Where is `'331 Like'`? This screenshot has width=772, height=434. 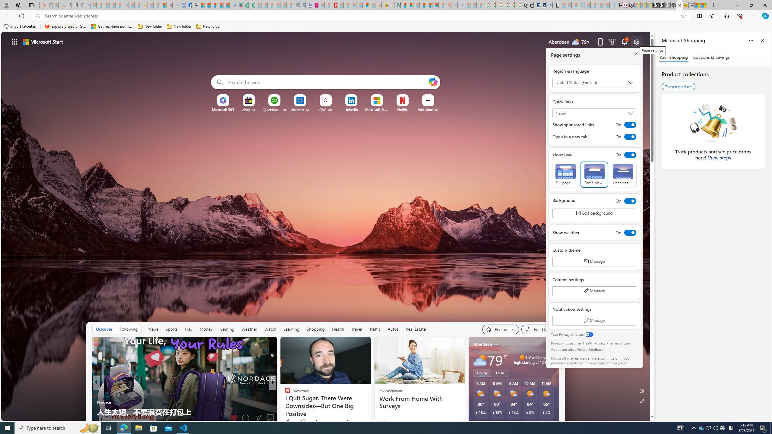
'331 Like' is located at coordinates (289, 422).